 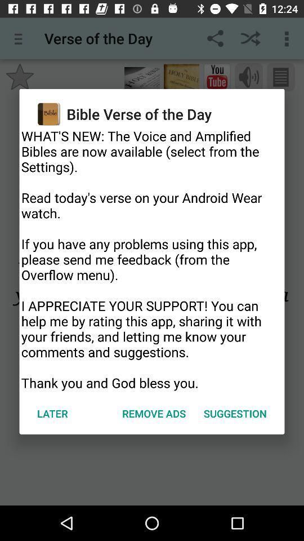 What do you see at coordinates (234, 413) in the screenshot?
I see `the suggestion at the bottom right corner` at bounding box center [234, 413].